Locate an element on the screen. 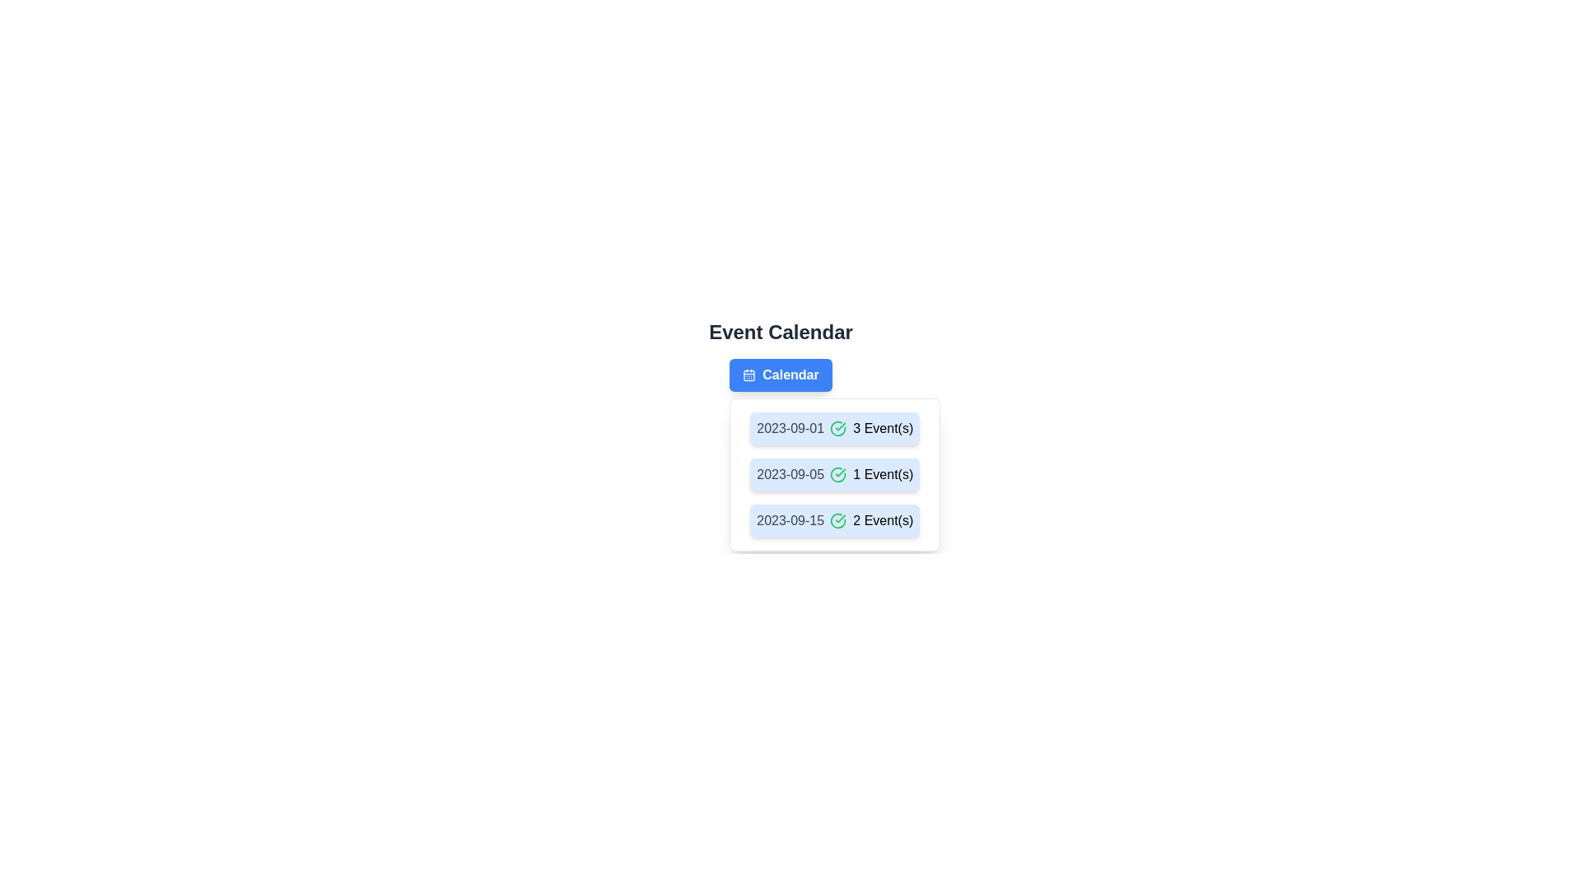 The width and height of the screenshot is (1581, 889). the Text Label with Icon that displays '3 Event(s)' and has a green check icon, located to the right of the date '2023-09-01' is located at coordinates (870, 427).